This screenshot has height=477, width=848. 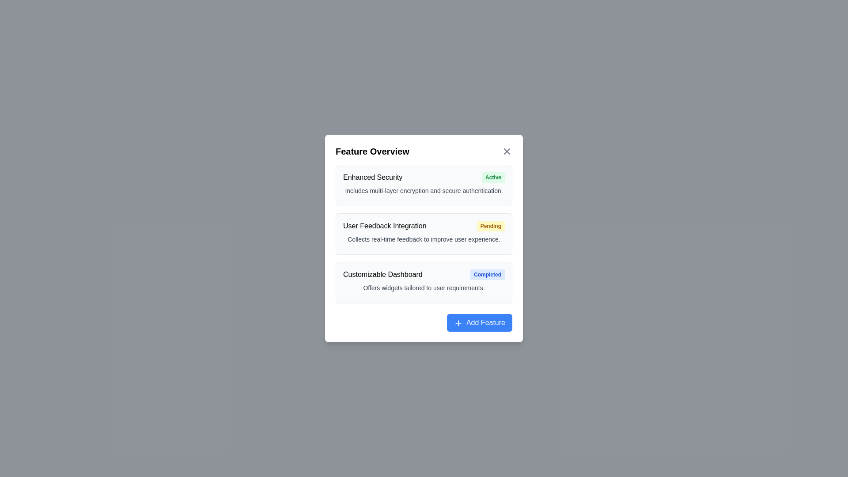 I want to click on short descriptions from the feature cards located in the modal window titled 'Feature Overview', positioned below the modal's title, so click(x=424, y=233).